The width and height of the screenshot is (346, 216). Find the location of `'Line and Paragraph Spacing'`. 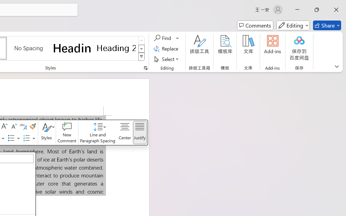

'Line and Paragraph Spacing' is located at coordinates (98, 133).